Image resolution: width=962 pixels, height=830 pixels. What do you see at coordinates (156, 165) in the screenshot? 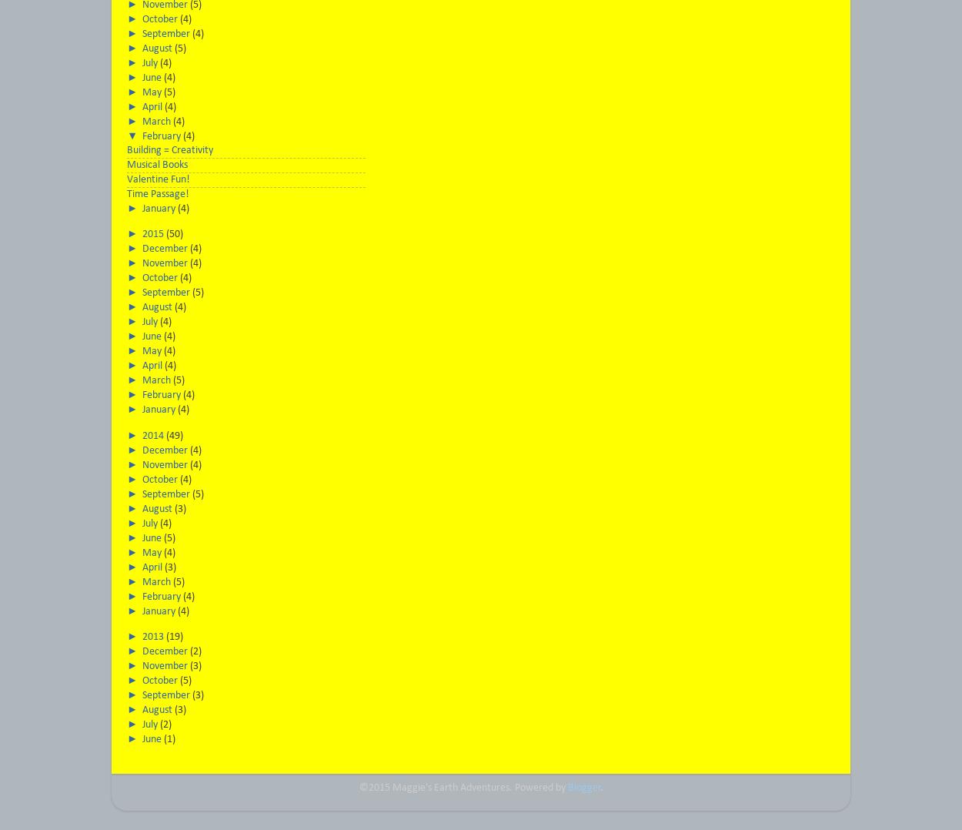
I see `'Musical Books'` at bounding box center [156, 165].